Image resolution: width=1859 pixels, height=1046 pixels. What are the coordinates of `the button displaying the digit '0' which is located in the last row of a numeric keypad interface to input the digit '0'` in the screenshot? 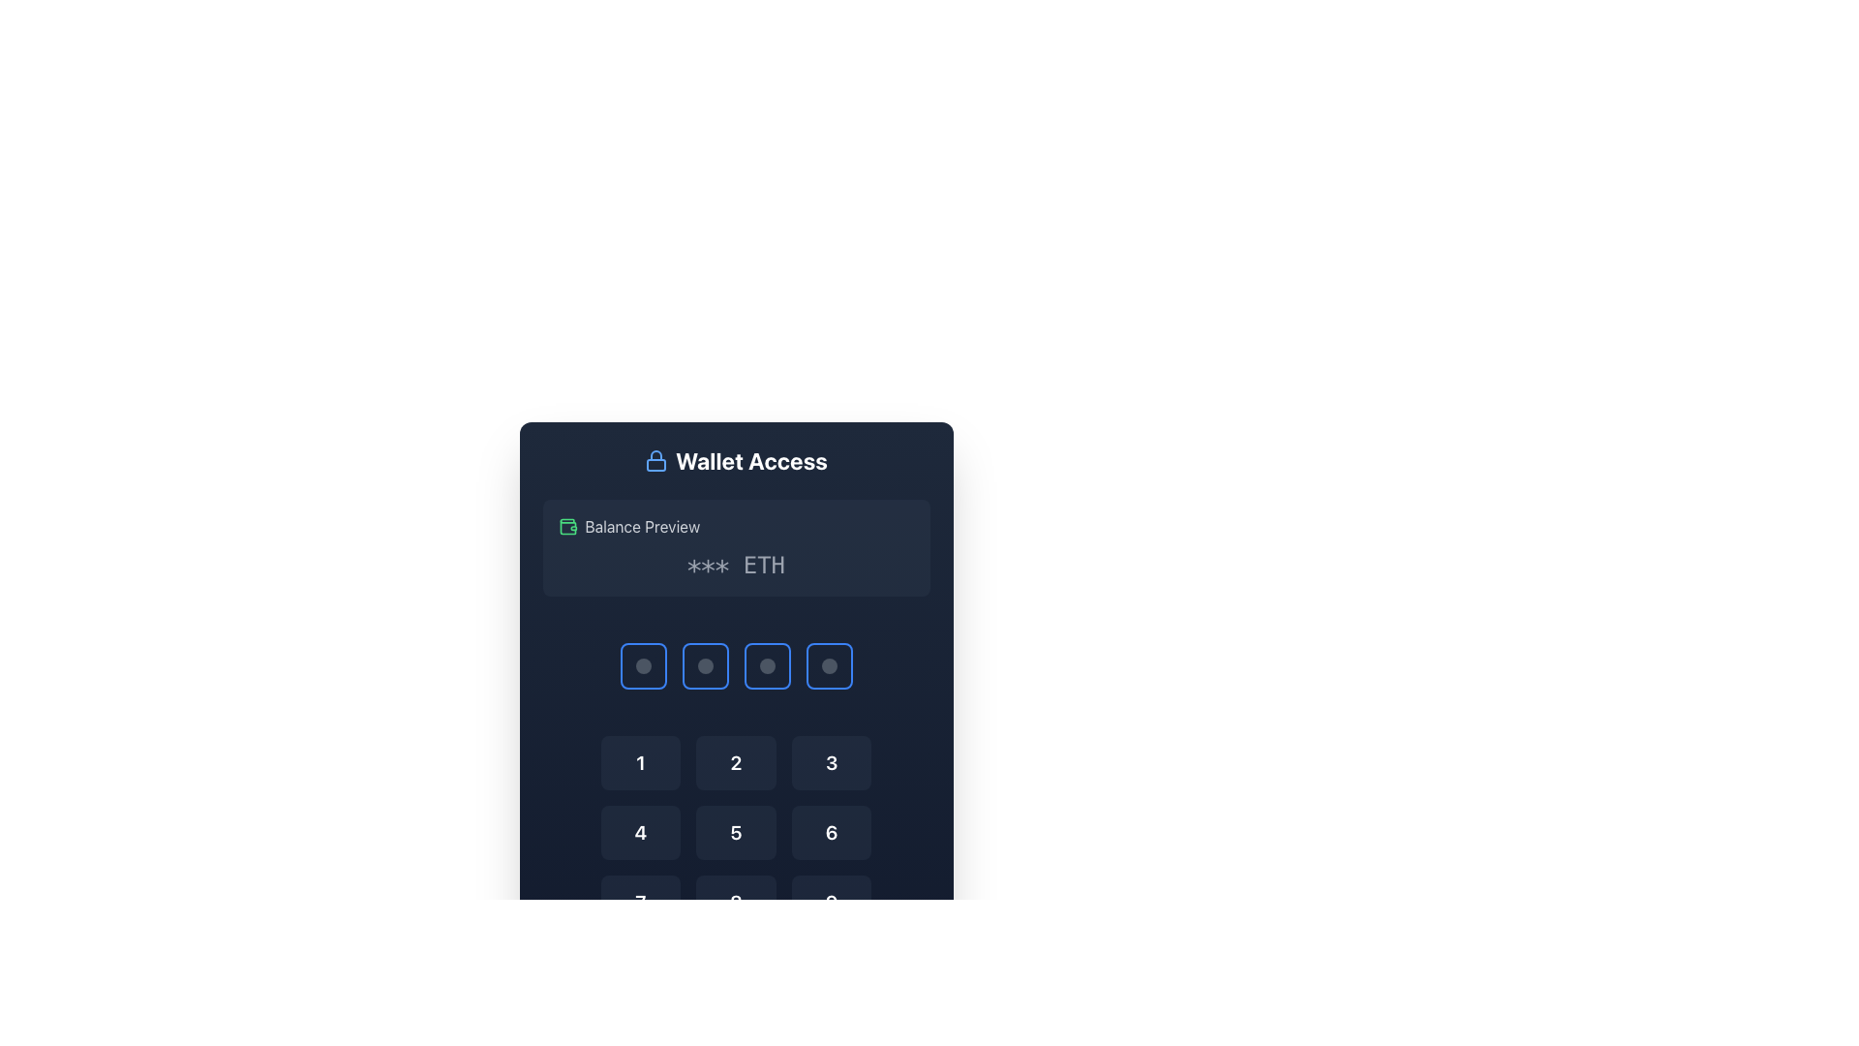 It's located at (735, 971).